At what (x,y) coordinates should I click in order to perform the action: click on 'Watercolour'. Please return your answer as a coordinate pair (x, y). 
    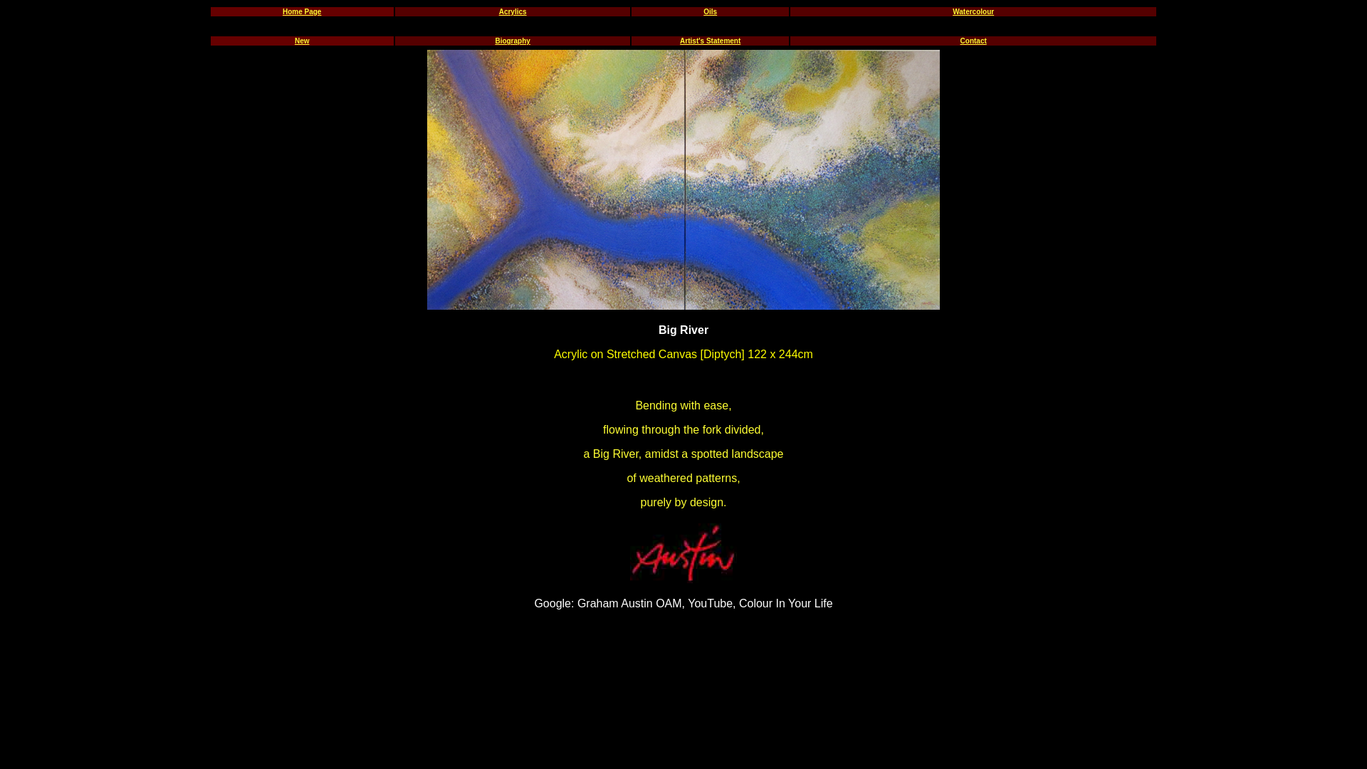
    Looking at the image, I should click on (973, 11).